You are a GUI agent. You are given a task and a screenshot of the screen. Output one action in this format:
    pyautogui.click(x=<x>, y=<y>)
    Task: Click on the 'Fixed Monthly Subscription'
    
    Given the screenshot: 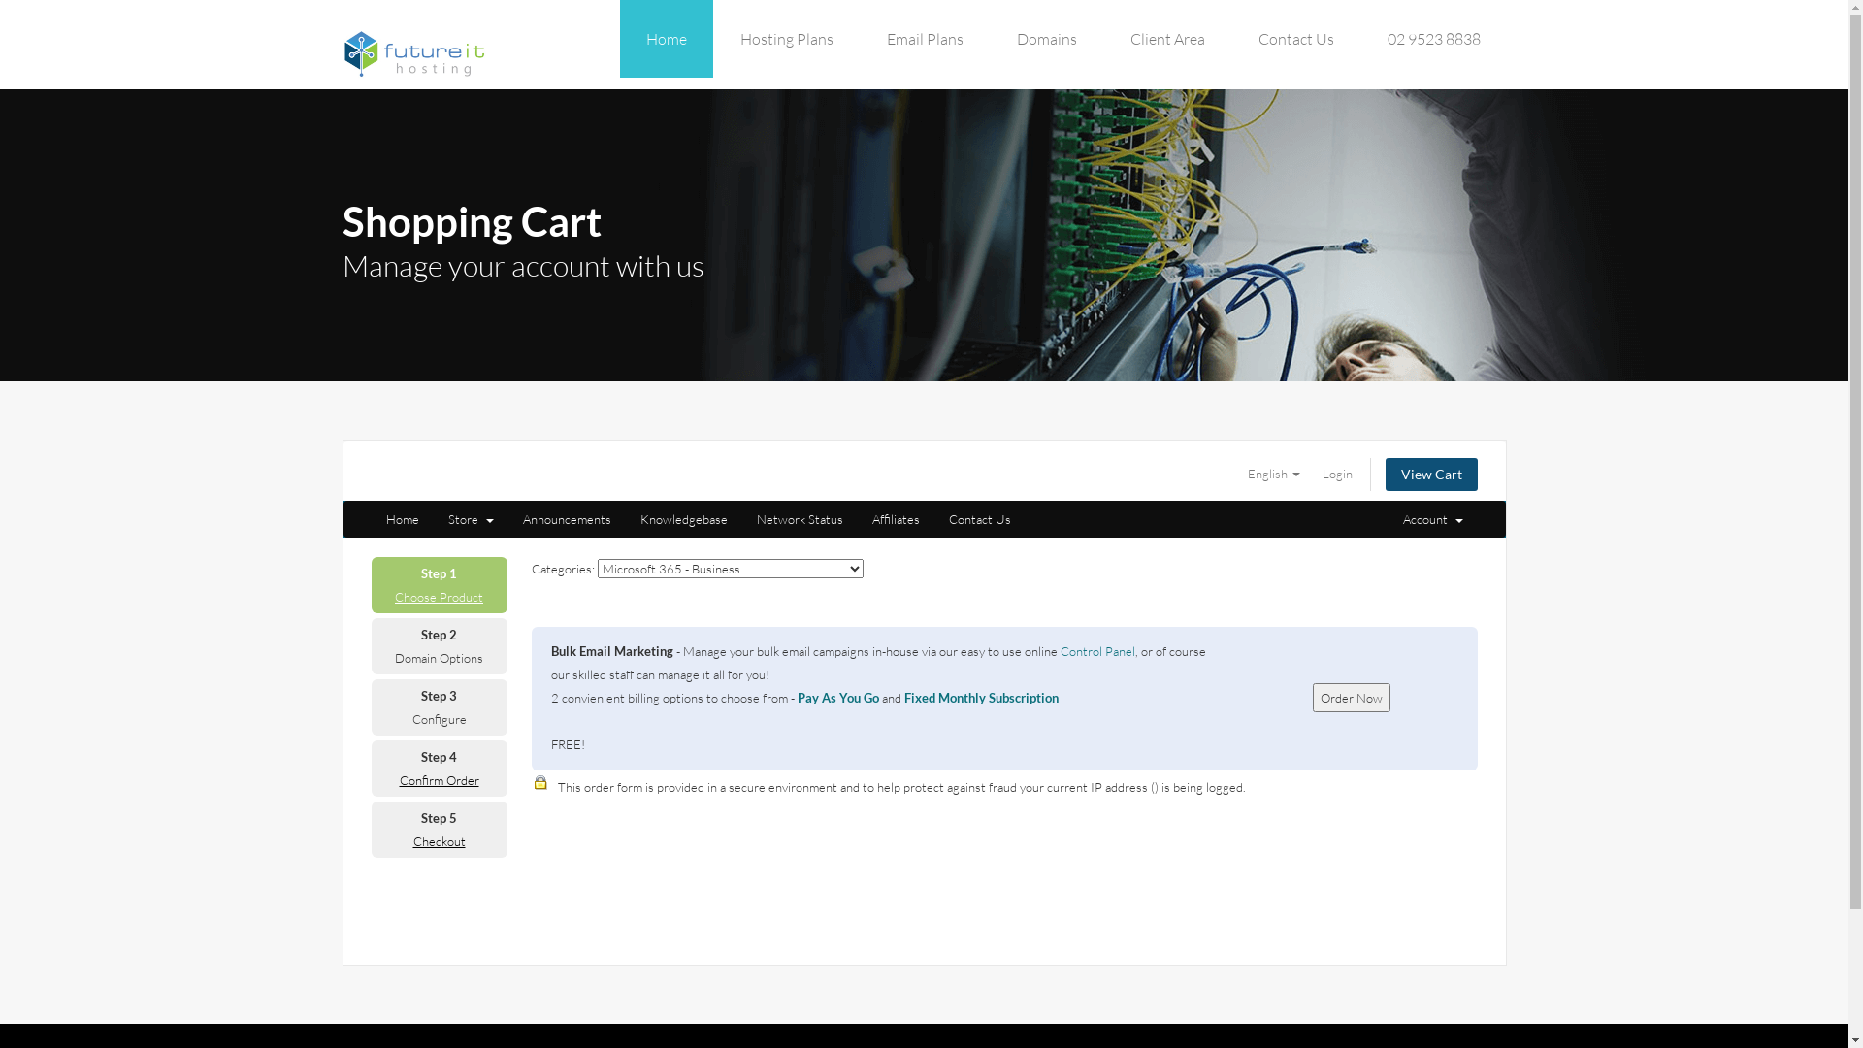 What is the action you would take?
    pyautogui.click(x=981, y=696)
    